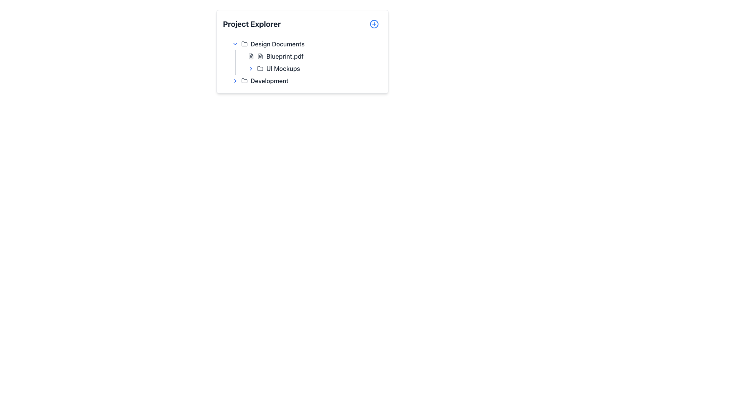 Image resolution: width=737 pixels, height=414 pixels. What do you see at coordinates (260, 56) in the screenshot?
I see `the PDF file icon representing 'Blueprint.pdf' in the project explorer interface` at bounding box center [260, 56].